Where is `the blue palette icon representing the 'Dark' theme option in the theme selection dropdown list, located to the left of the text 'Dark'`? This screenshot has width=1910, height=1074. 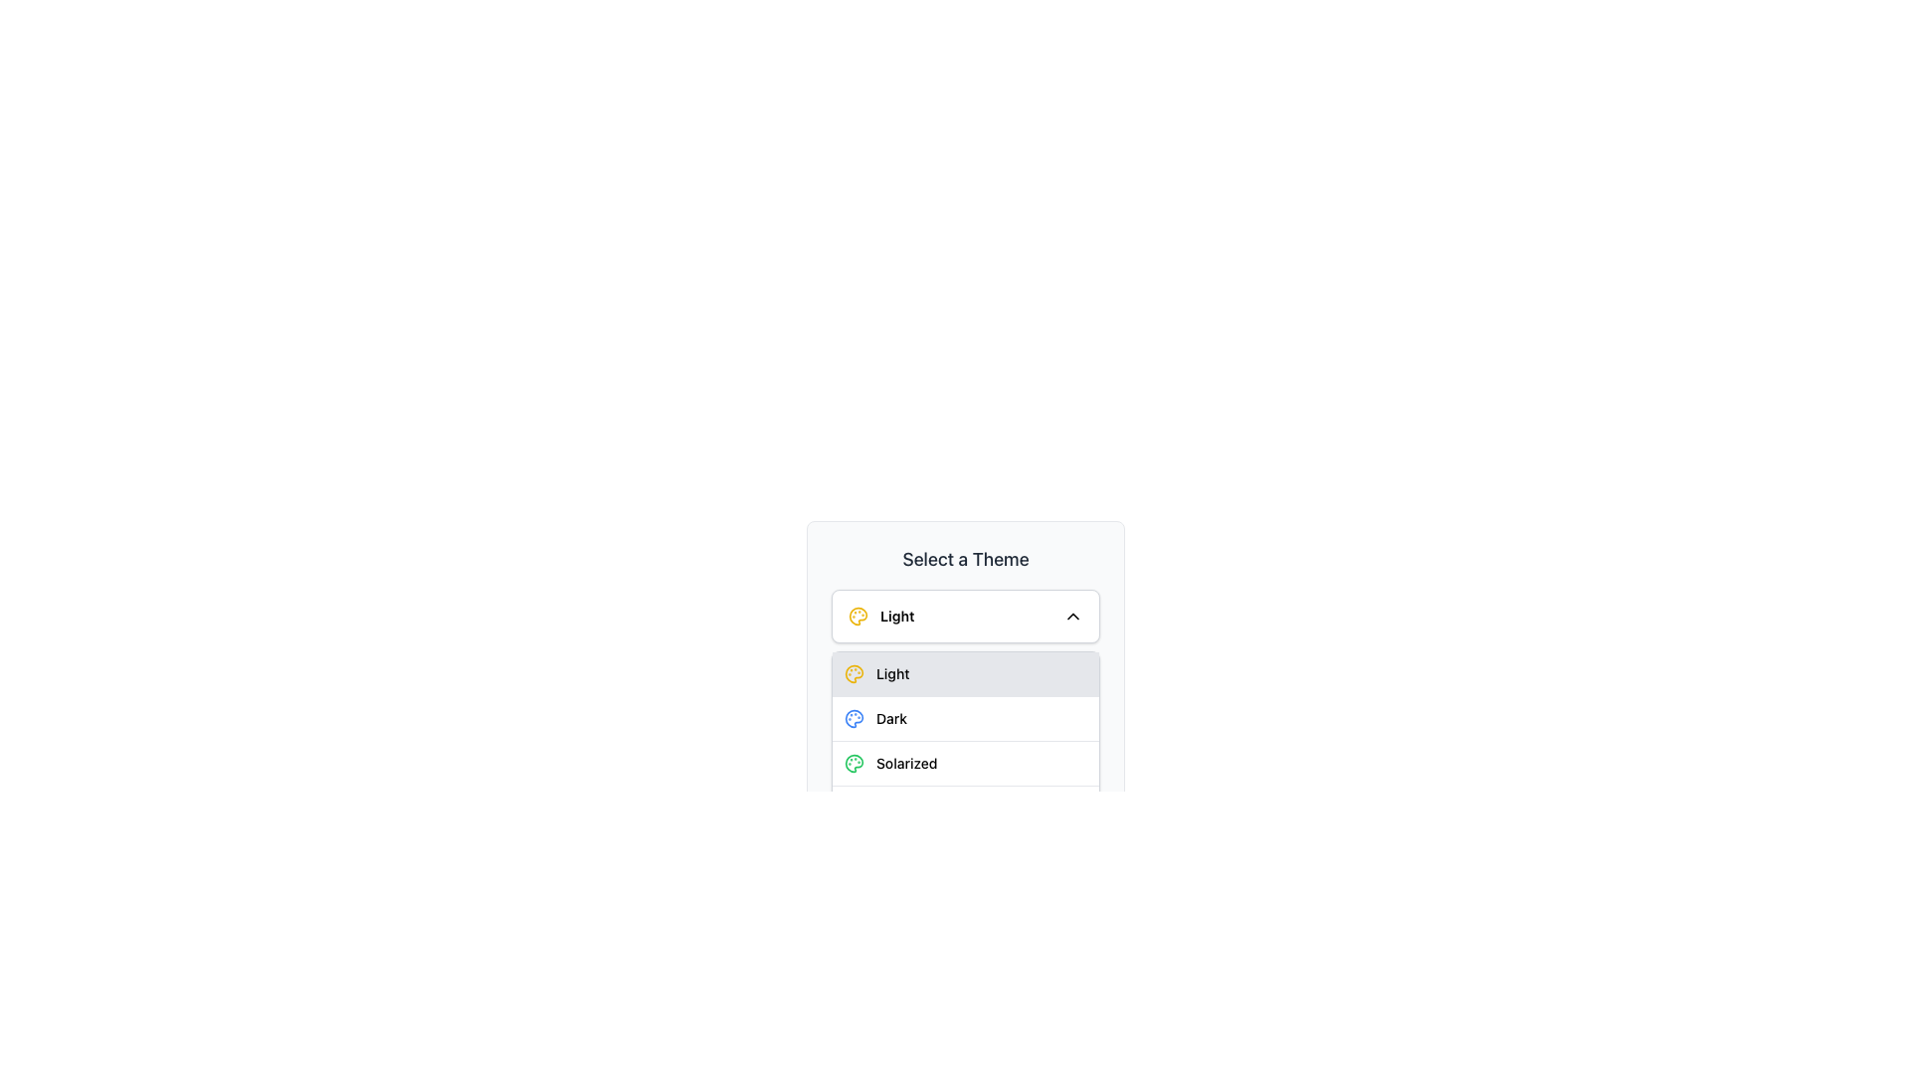 the blue palette icon representing the 'Dark' theme option in the theme selection dropdown list, located to the left of the text 'Dark' is located at coordinates (855, 718).